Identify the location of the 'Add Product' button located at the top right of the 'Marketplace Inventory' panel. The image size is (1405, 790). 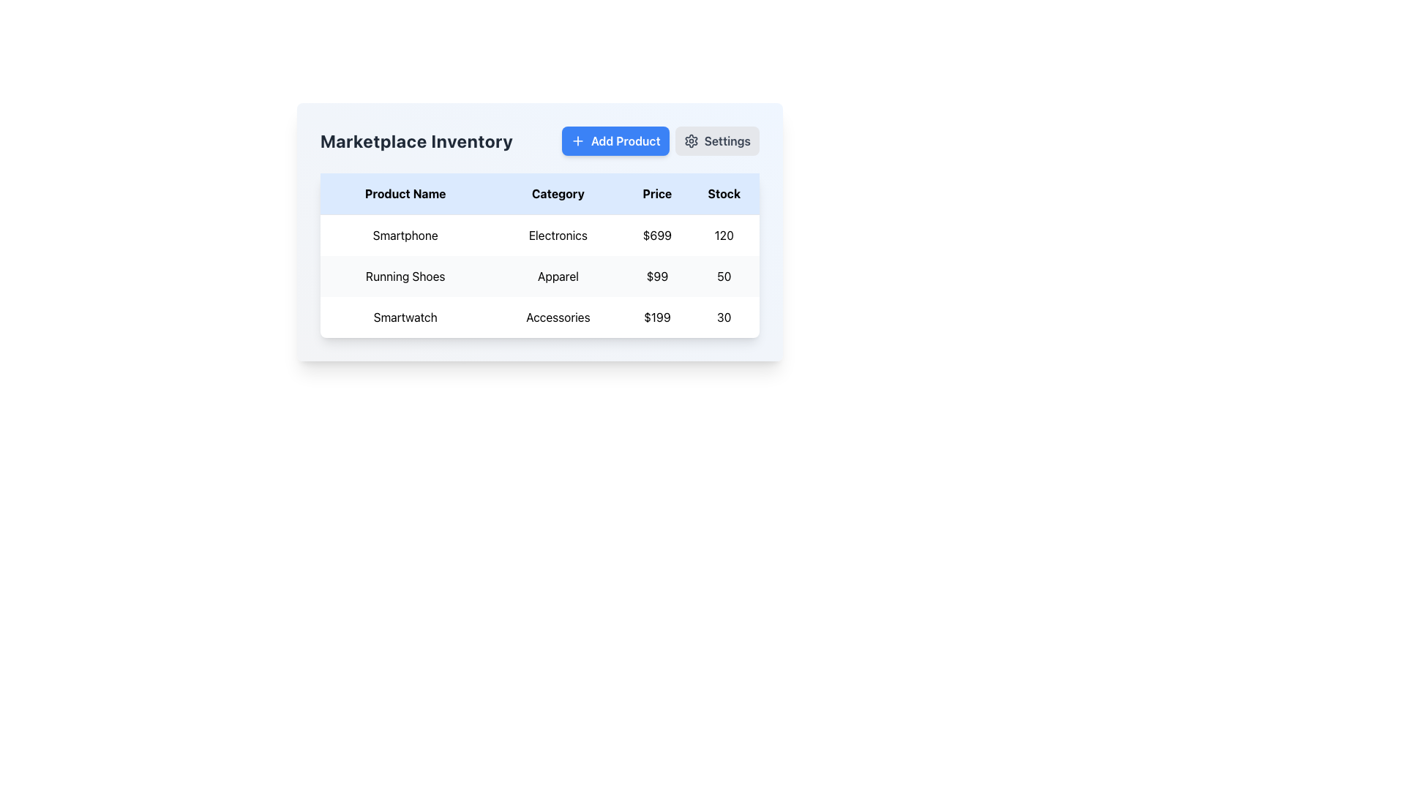
(659, 140).